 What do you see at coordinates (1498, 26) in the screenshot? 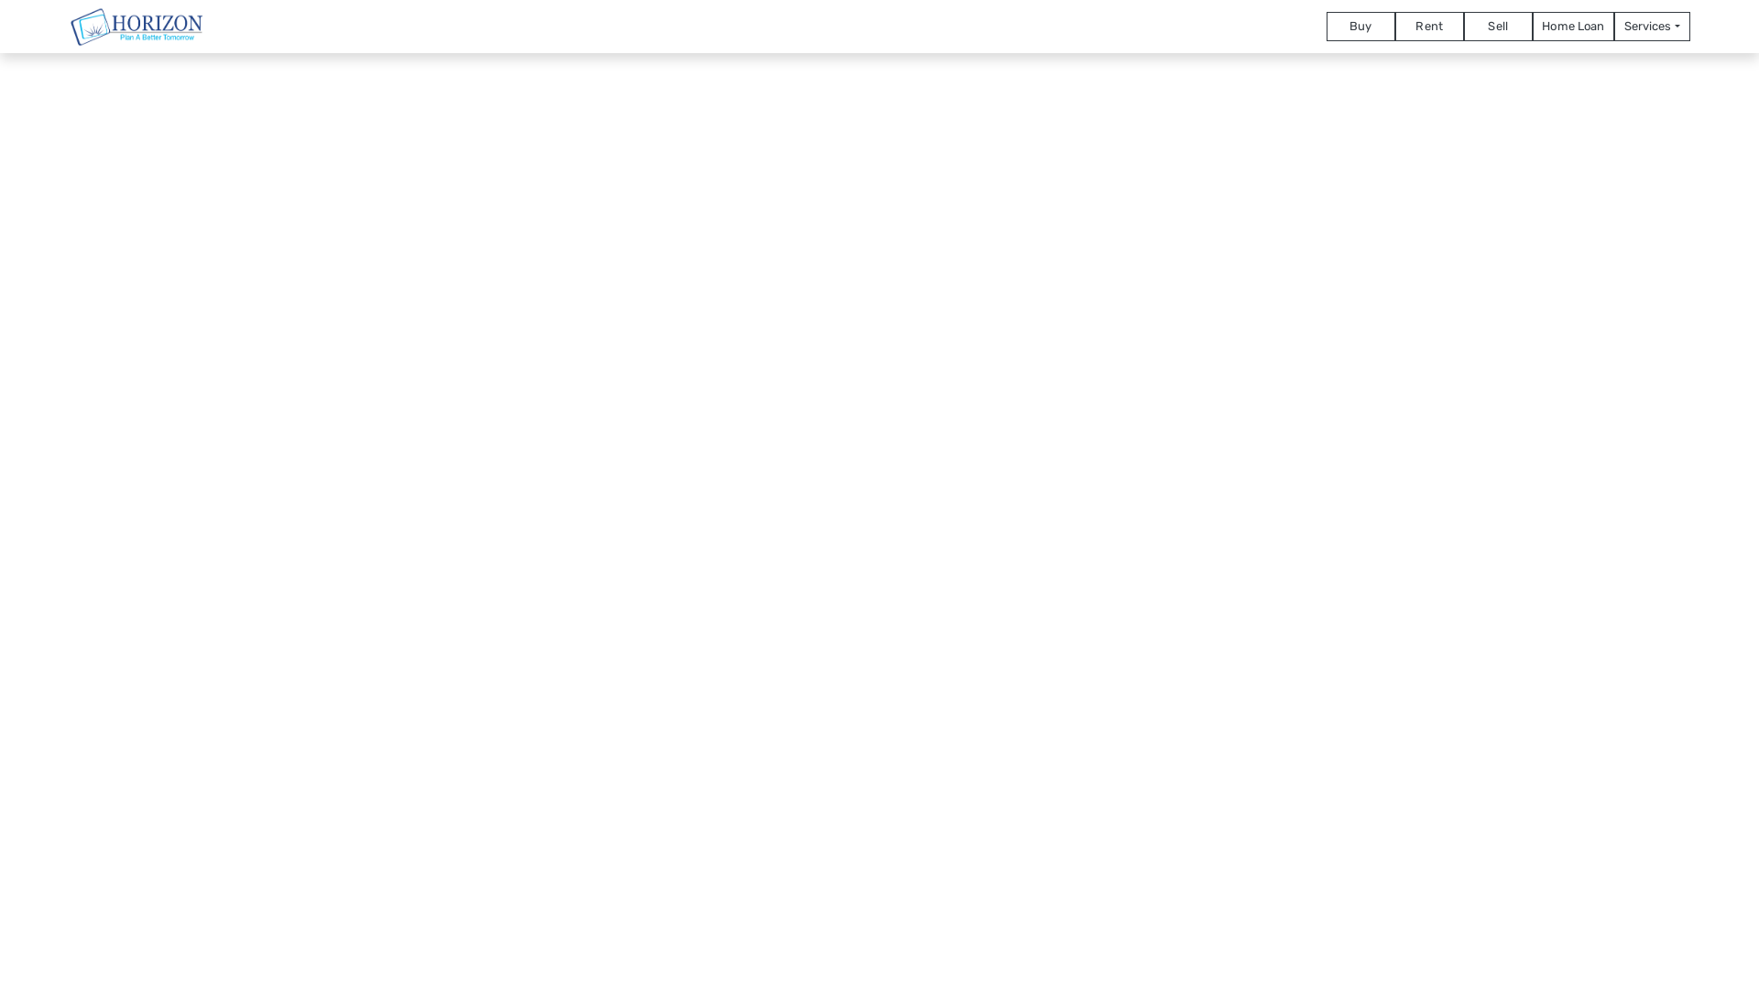
I see `'Sell'` at bounding box center [1498, 26].